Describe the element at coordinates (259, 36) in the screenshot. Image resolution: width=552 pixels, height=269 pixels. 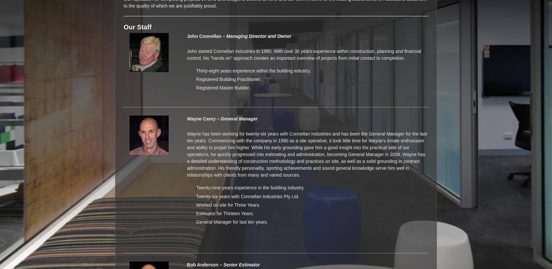
I see `'Managing Director and Owner'` at that location.